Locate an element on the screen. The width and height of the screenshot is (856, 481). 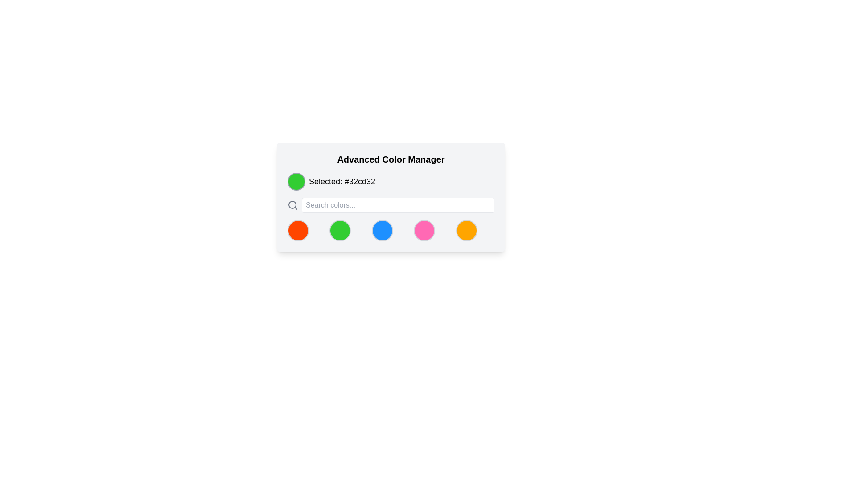
the third circular button from the left in the grid layout is located at coordinates (382, 230).